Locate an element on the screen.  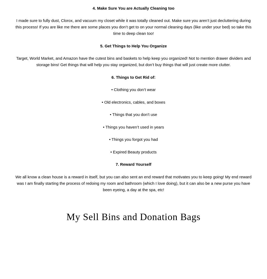
'We all know a clean house is a reward in itself, but you can also sent an end reward that motivates you to keep going! My end reward was I am finally starting the process of redoing my room and bathroom (which I love doing), but it can also be a new purse you have been eyeing, a day at the spa, etc!' is located at coordinates (133, 183).